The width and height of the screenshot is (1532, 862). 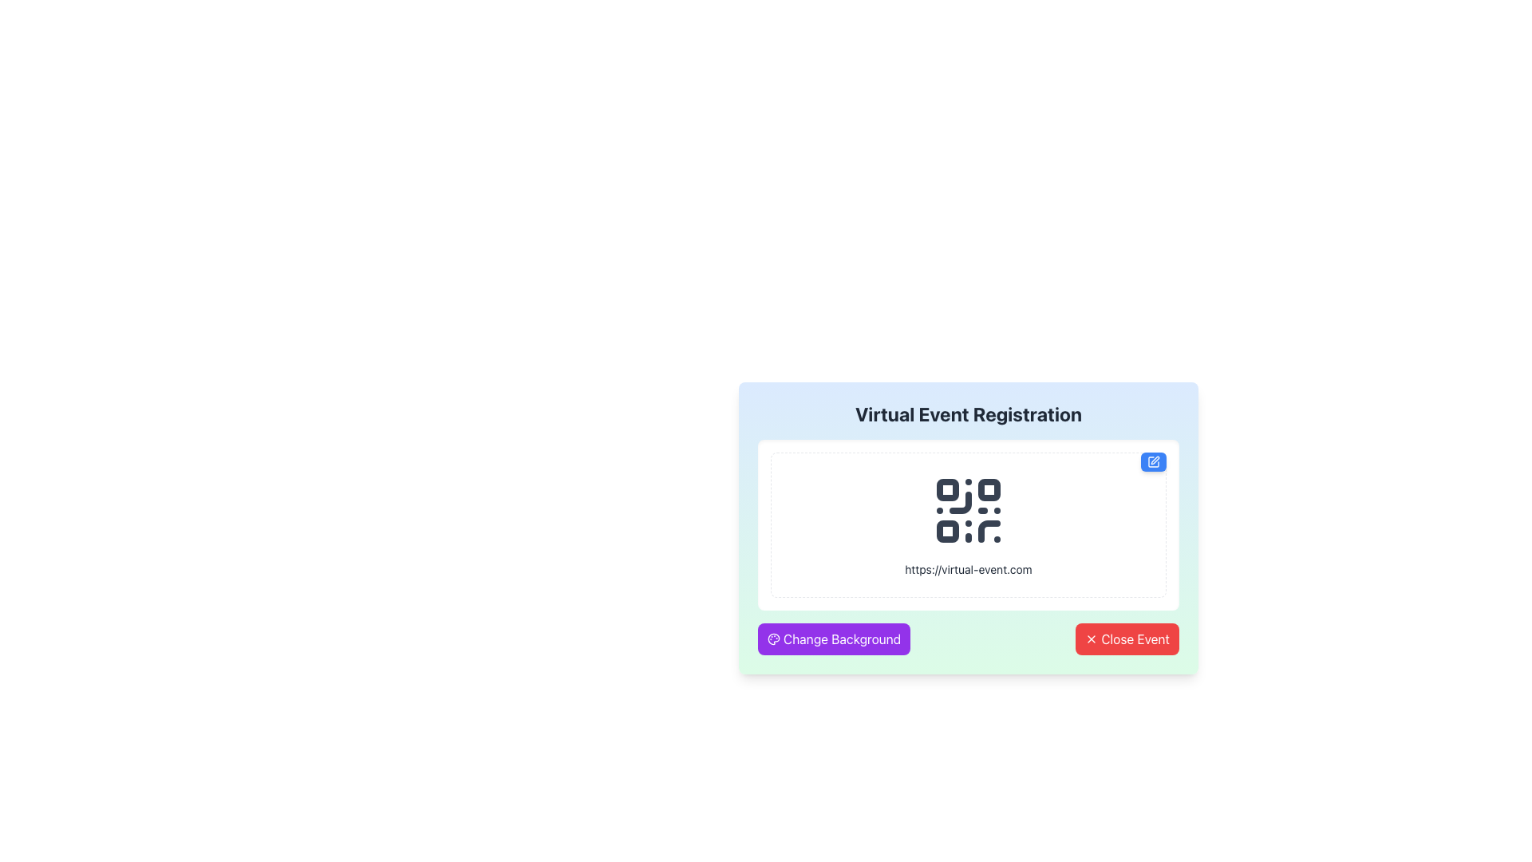 What do you see at coordinates (988, 488) in the screenshot?
I see `the small rounded rectangle decorative part of the QR code icon located in the top-right quadrant, which is the second small square in the horizontal sequence` at bounding box center [988, 488].